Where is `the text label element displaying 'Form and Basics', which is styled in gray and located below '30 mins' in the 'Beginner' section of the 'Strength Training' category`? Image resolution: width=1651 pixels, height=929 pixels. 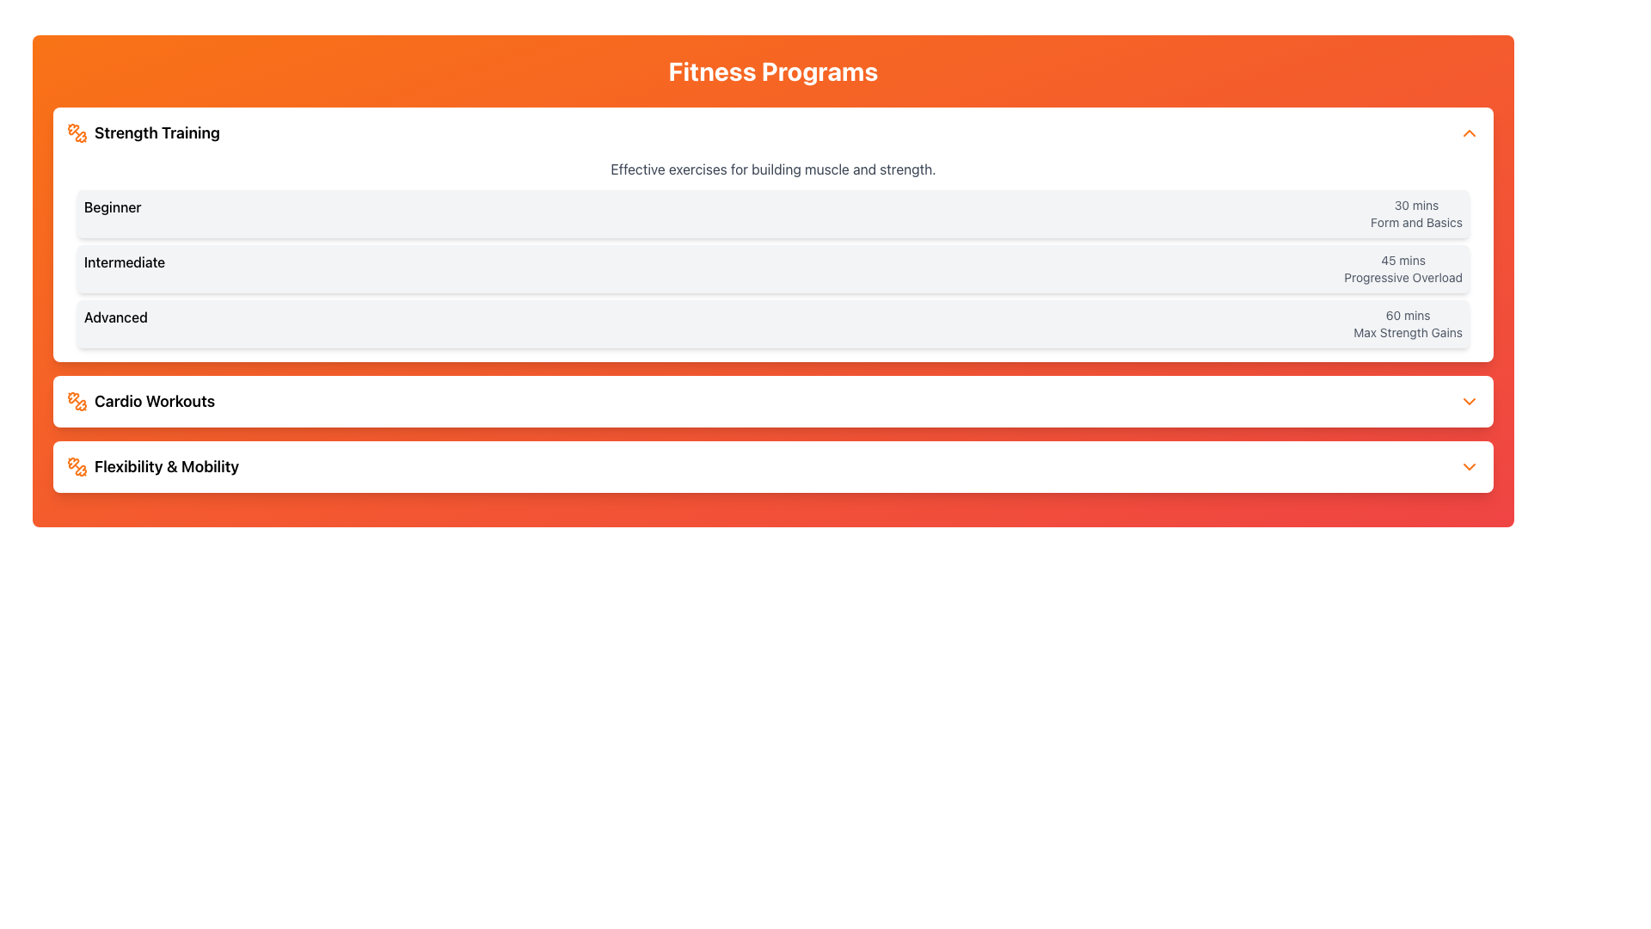
the text label element displaying 'Form and Basics', which is styled in gray and located below '30 mins' in the 'Beginner' section of the 'Strength Training' category is located at coordinates (1416, 221).